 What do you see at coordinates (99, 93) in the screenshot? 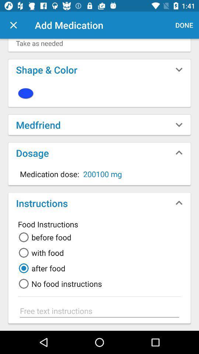
I see `icon` at bounding box center [99, 93].